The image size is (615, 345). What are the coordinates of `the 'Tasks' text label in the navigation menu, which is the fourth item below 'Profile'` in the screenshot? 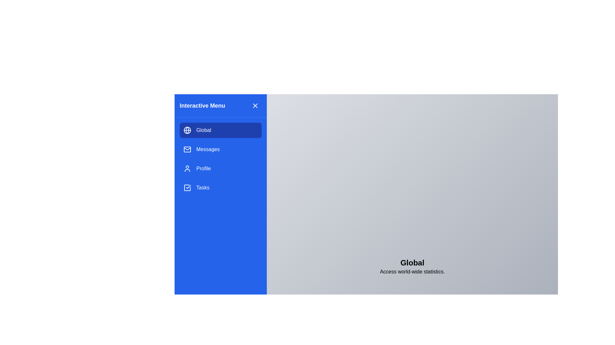 It's located at (202, 187).